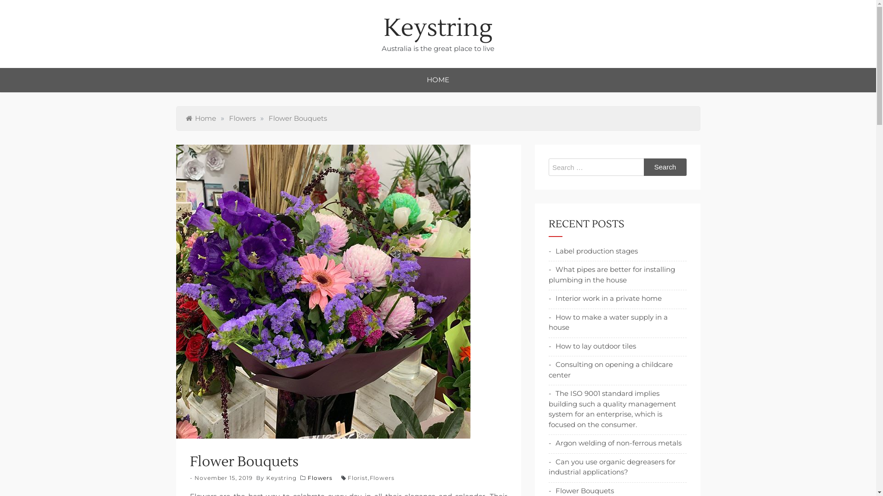 The image size is (883, 496). I want to click on 'Label production stages', so click(548, 251).